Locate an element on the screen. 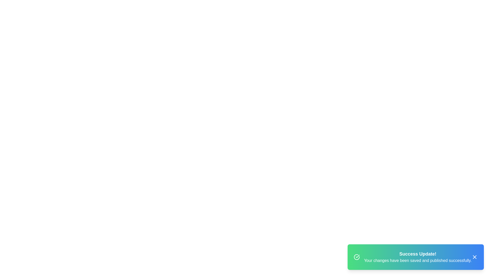 The width and height of the screenshot is (490, 276). the close button of the Snackbar to dismiss it is located at coordinates (474, 257).